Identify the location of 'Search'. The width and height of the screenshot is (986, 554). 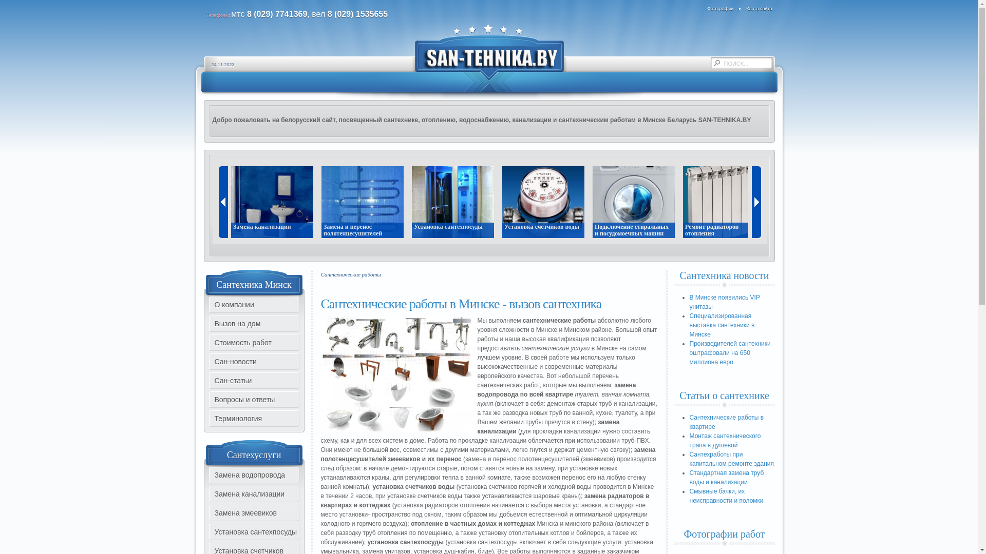
(710, 63).